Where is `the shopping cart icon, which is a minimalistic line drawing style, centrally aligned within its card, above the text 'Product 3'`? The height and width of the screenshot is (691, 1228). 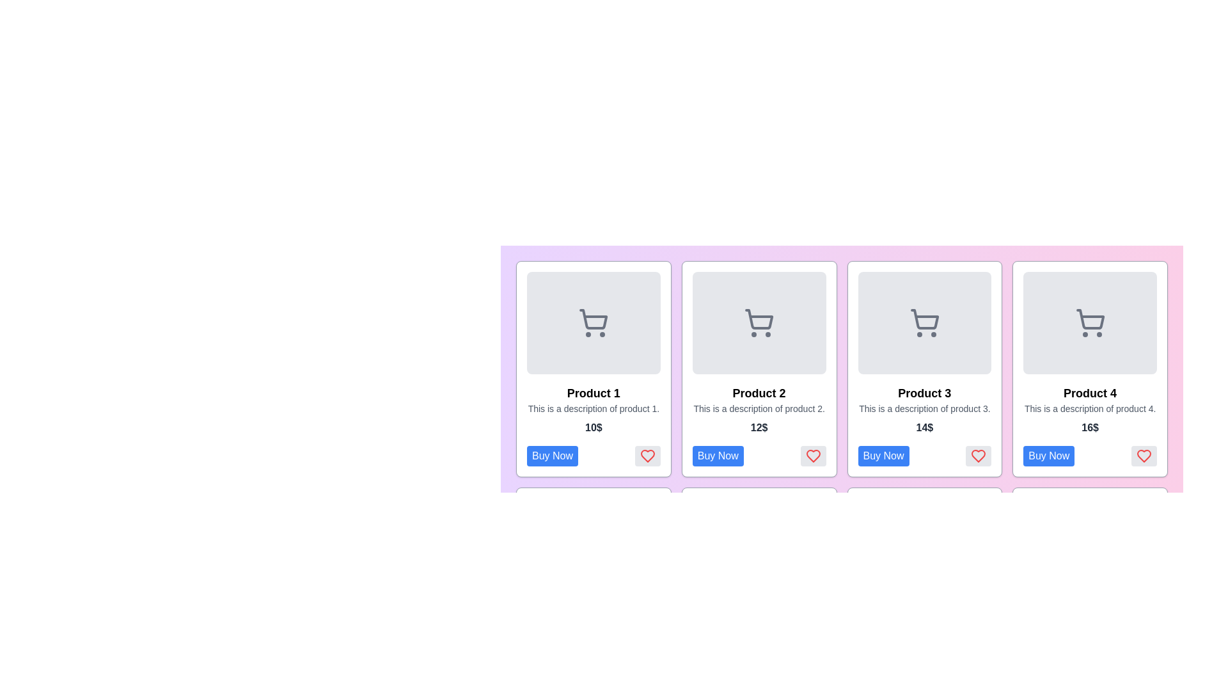
the shopping cart icon, which is a minimalistic line drawing style, centrally aligned within its card, above the text 'Product 3' is located at coordinates (924, 322).